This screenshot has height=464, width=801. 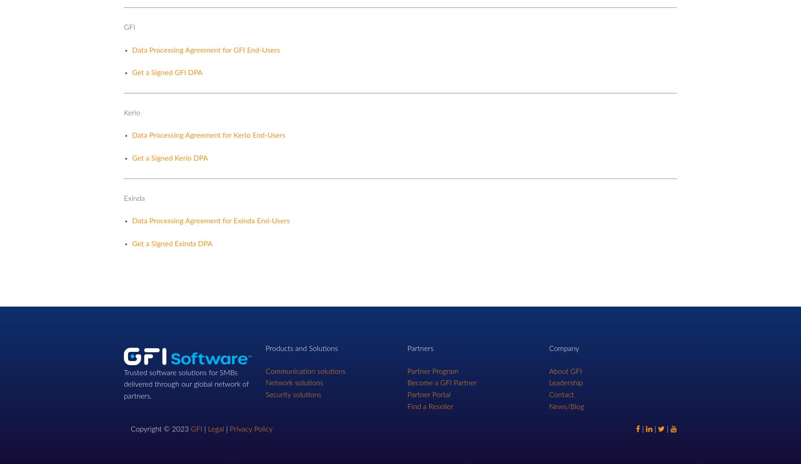 What do you see at coordinates (441, 383) in the screenshot?
I see `'Become a GFI Partner'` at bounding box center [441, 383].